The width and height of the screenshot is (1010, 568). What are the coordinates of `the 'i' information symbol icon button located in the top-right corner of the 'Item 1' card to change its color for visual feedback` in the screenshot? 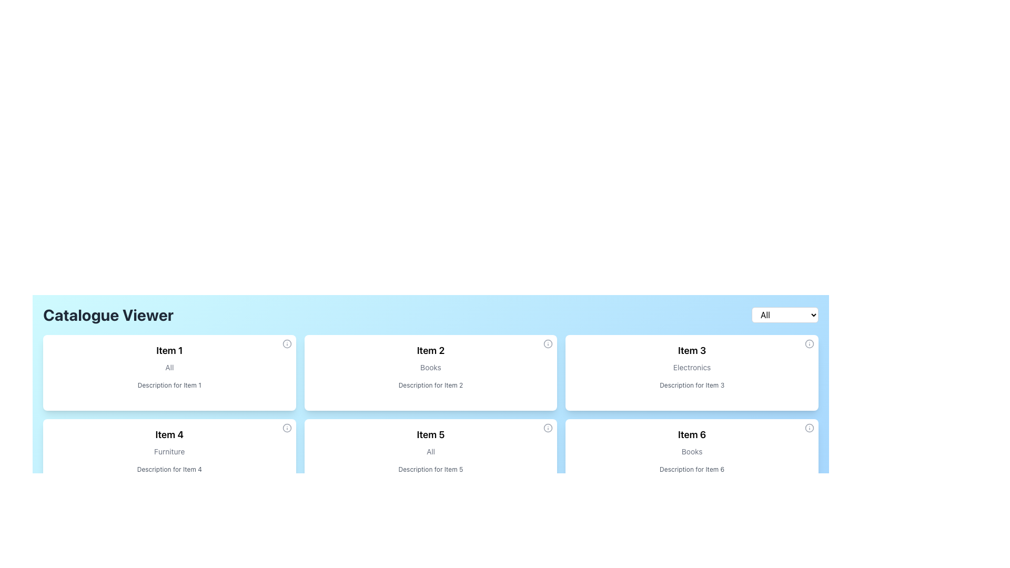 It's located at (287, 344).